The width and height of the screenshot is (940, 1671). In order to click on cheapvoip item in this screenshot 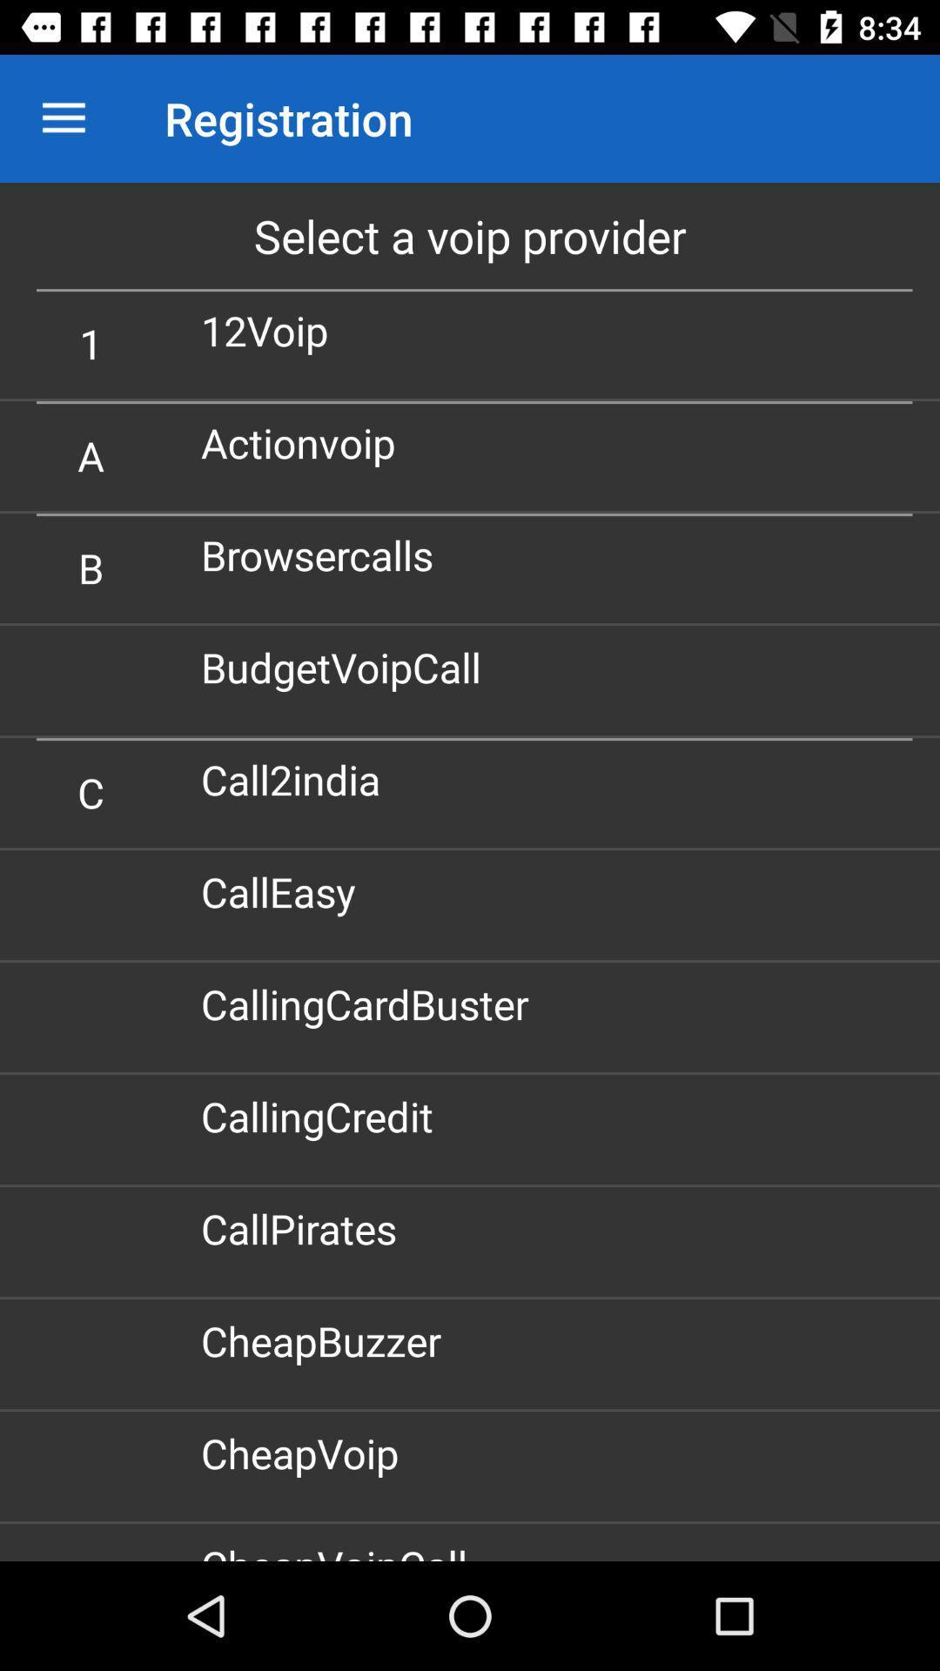, I will do `click(305, 1453)`.